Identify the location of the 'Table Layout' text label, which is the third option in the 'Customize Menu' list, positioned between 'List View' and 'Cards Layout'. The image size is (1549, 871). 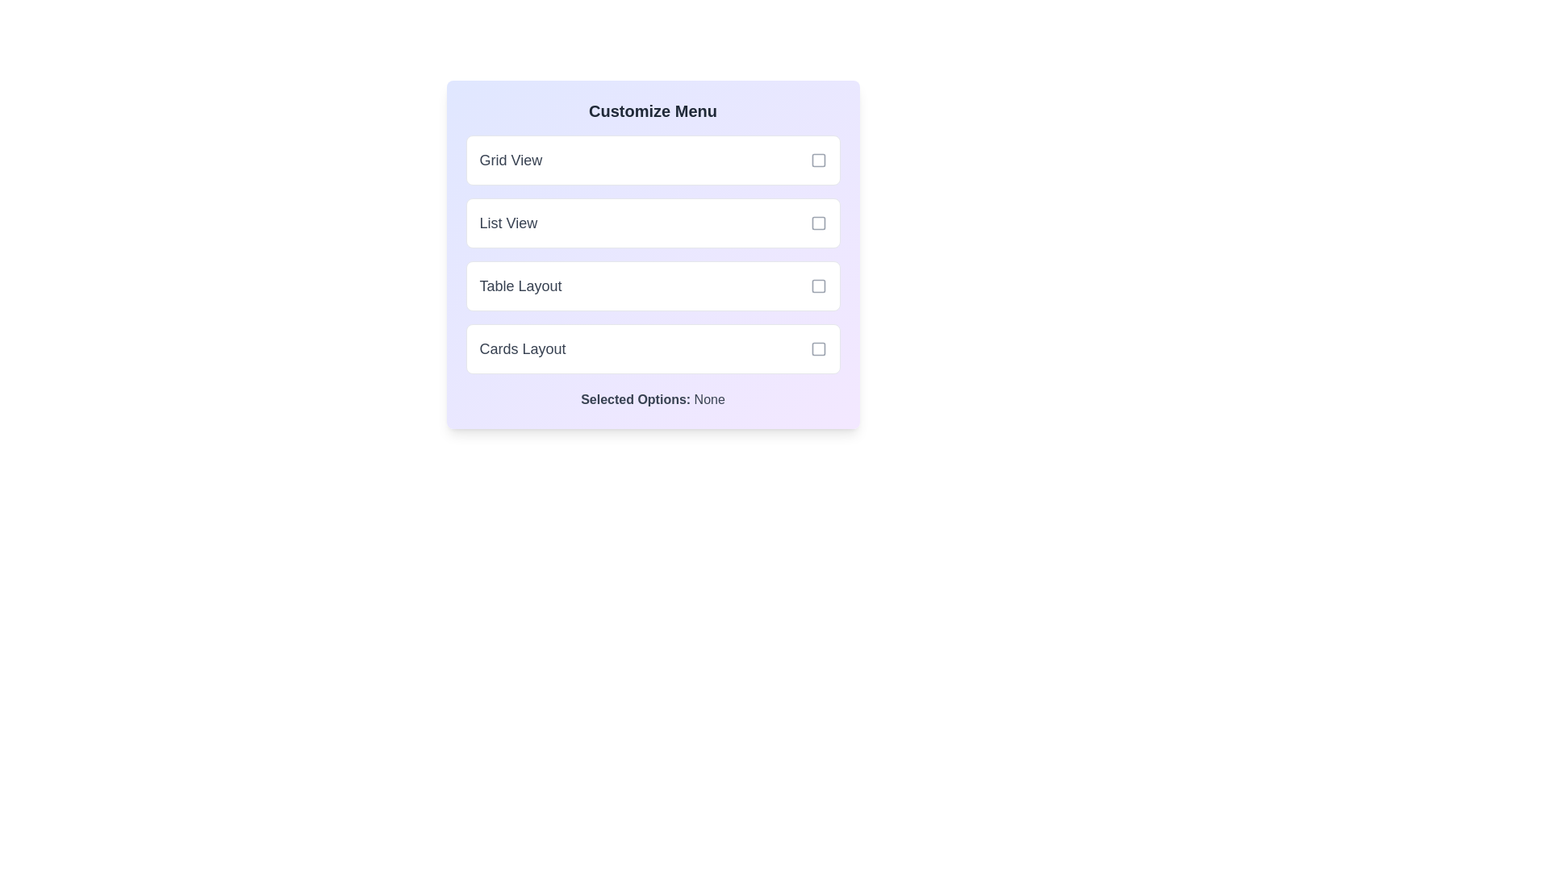
(520, 285).